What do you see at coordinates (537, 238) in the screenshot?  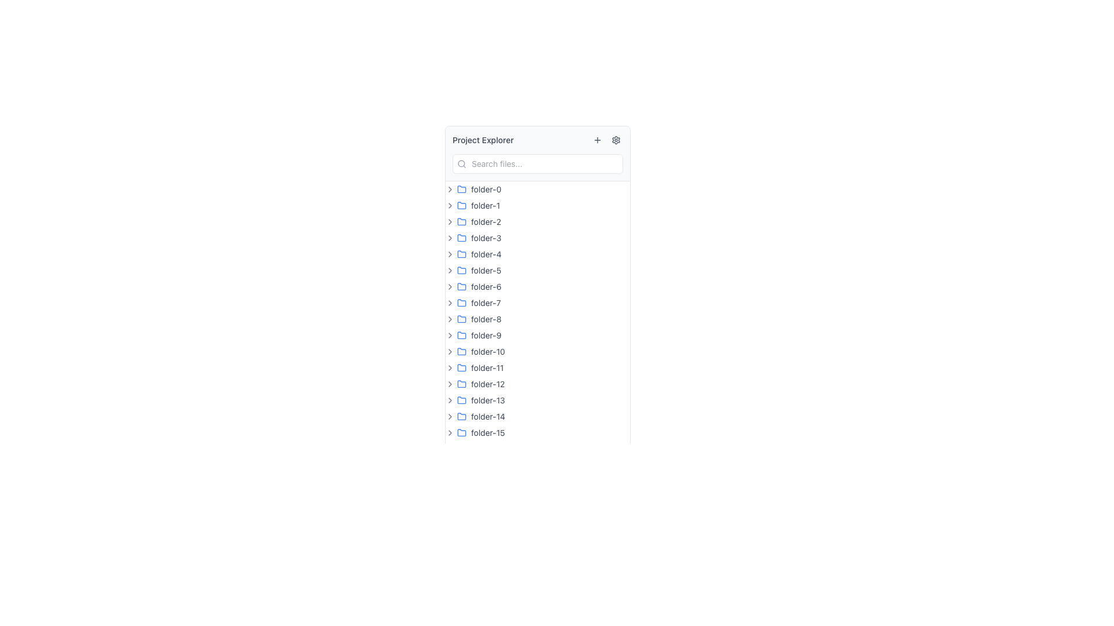 I see `the folder item labeled 'folder-3'` at bounding box center [537, 238].